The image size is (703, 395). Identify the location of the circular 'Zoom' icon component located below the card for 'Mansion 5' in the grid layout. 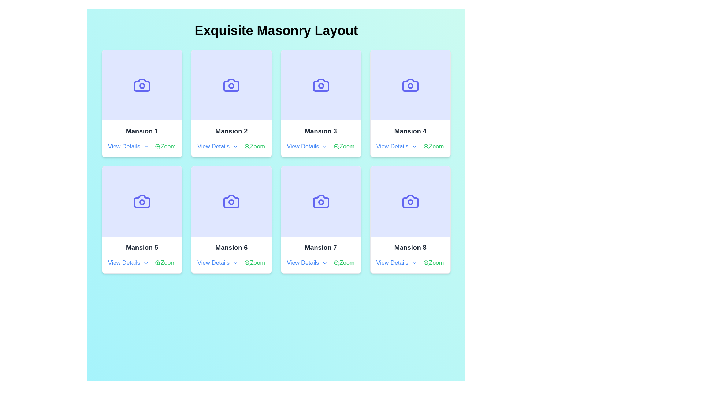
(157, 262).